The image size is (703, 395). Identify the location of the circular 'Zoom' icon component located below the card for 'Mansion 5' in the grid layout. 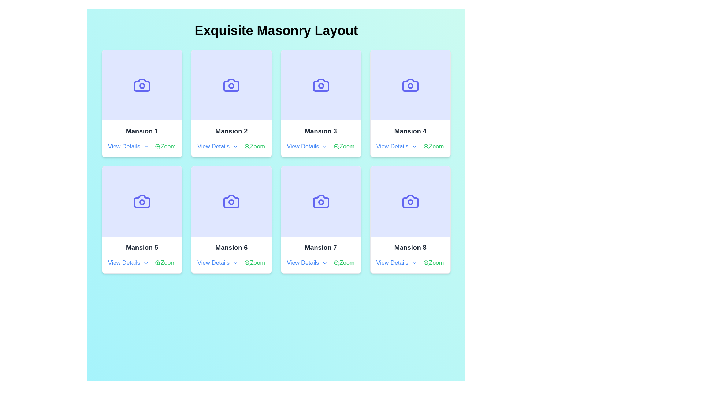
(157, 262).